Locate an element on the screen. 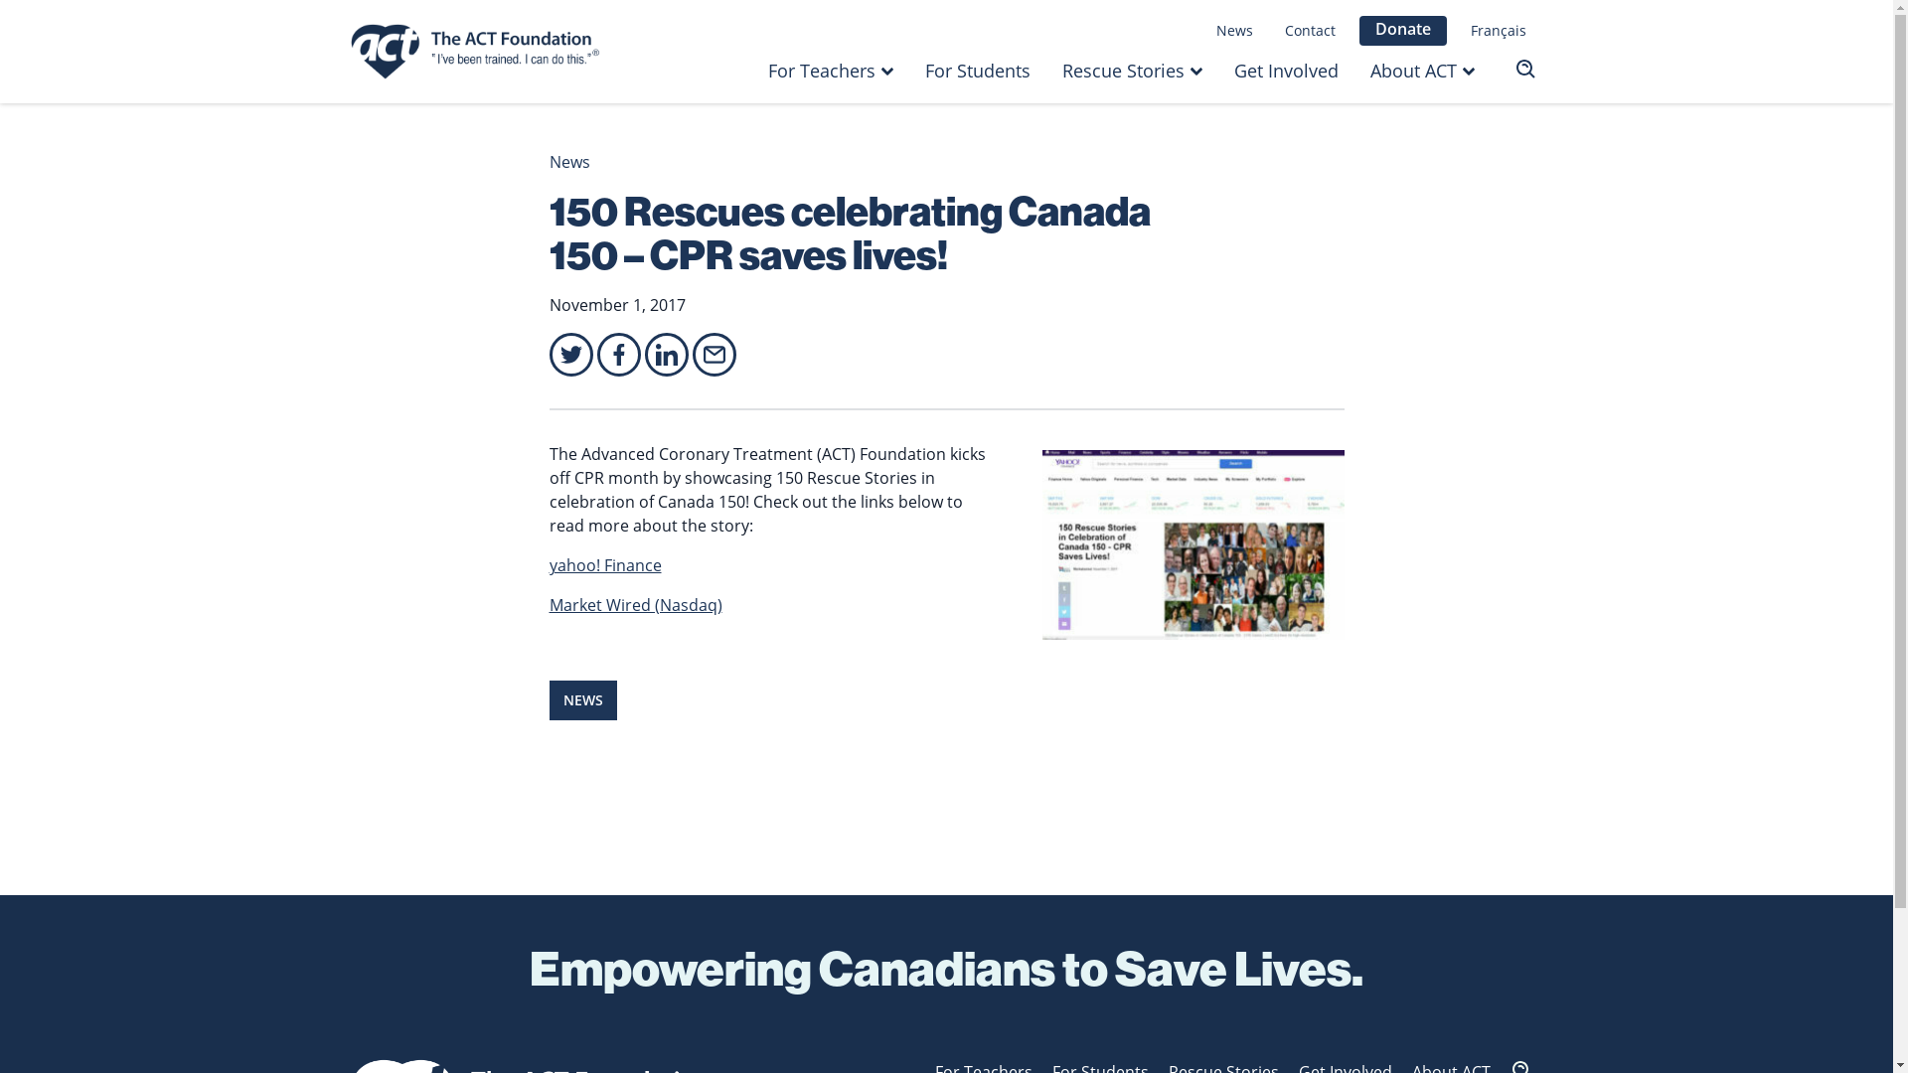 This screenshot has height=1073, width=1908. 'Market Wired (Nasdaq)' is located at coordinates (549, 604).